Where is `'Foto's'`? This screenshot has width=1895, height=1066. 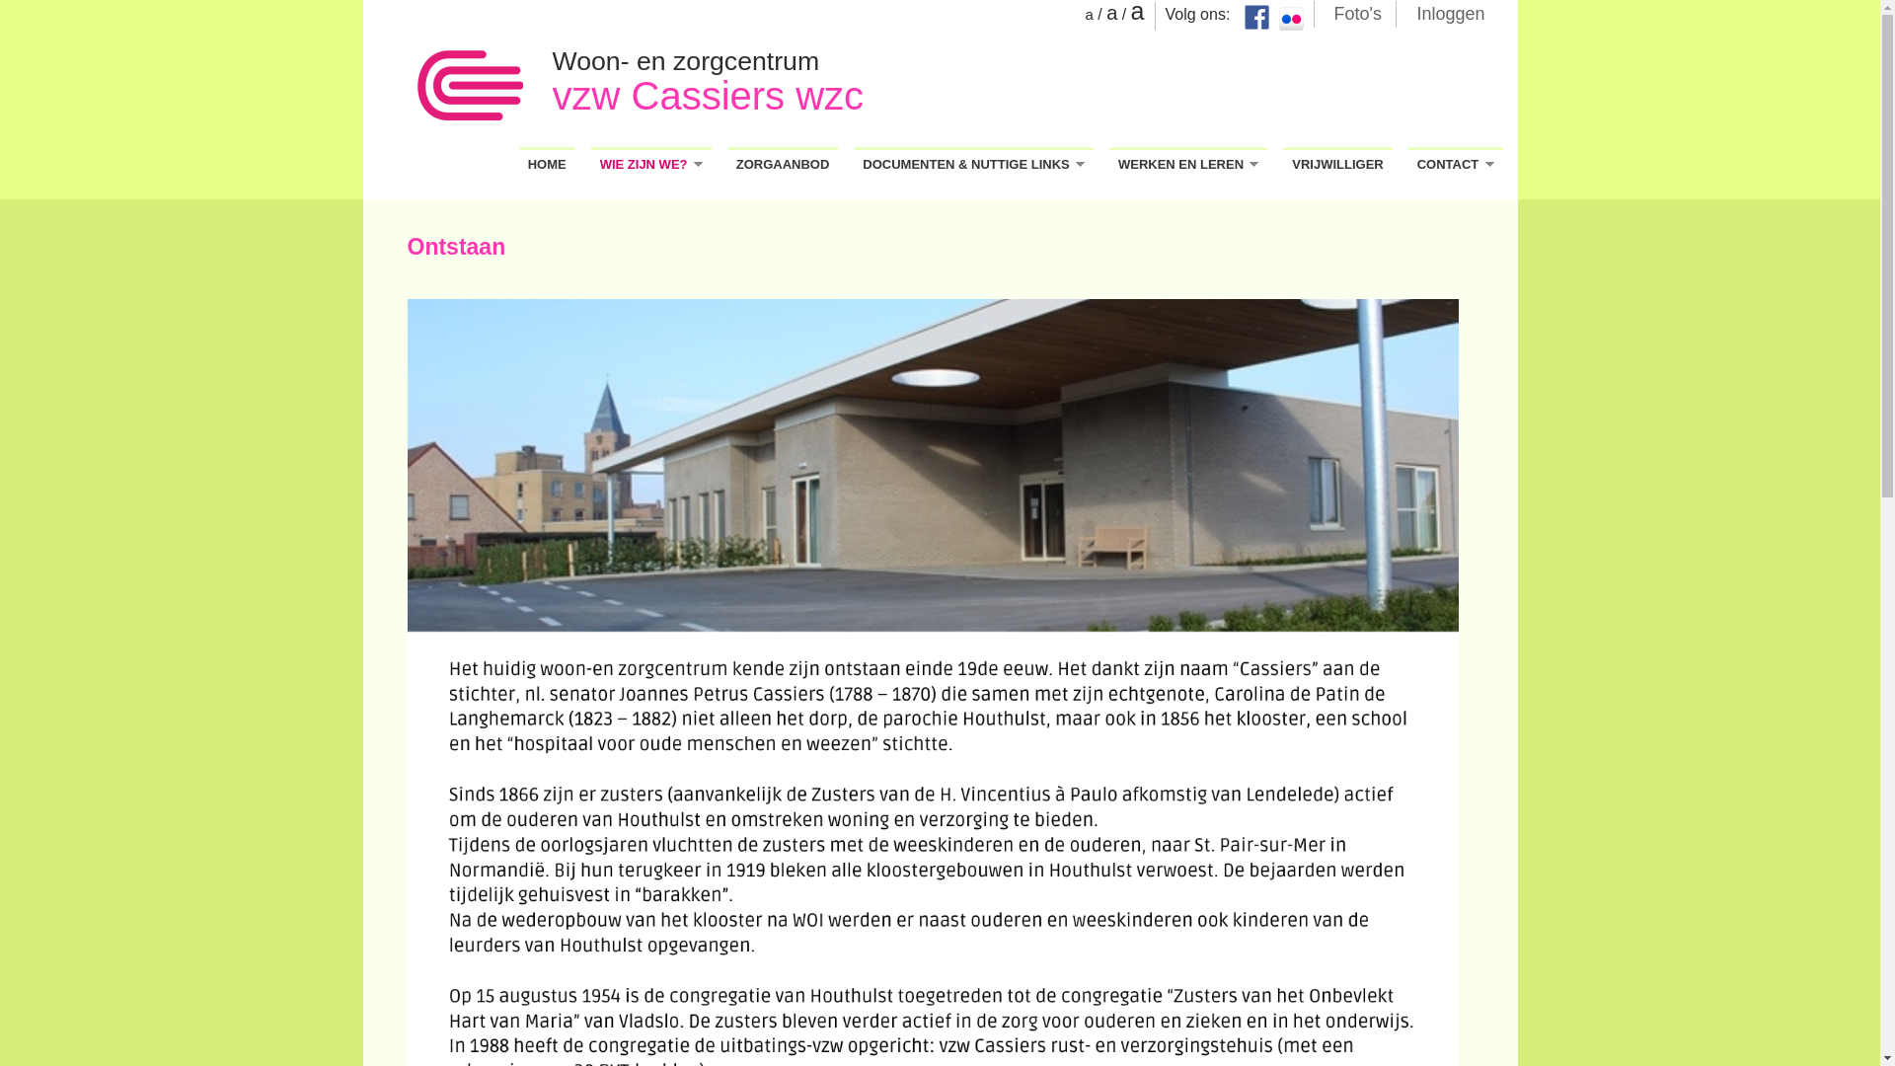
'Foto's' is located at coordinates (1357, 12).